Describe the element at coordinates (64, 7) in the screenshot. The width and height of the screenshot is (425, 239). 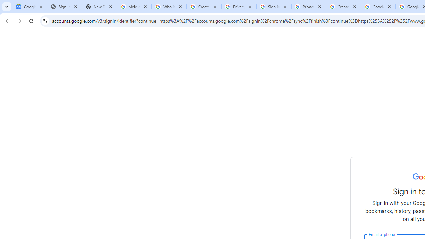
I see `'Sign In - USA TODAY'` at that location.